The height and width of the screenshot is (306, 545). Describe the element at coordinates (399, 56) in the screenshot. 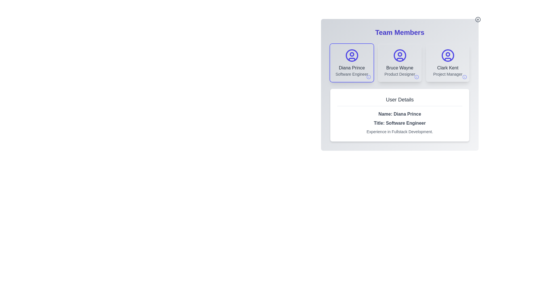

I see `the circular indigo user icon representing Bruce Wayne's profile in the second team member card labeled 'Bruce Wayne' with subtitle 'Product Designer'` at that location.